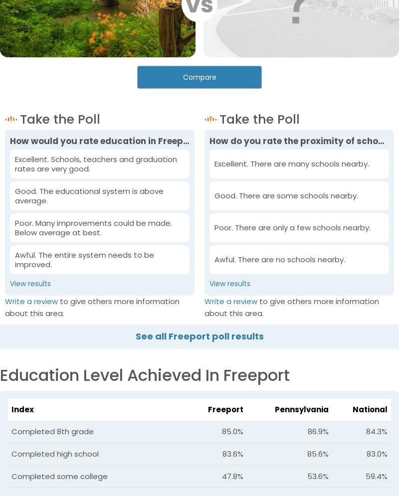  Describe the element at coordinates (295, 295) in the screenshot. I see `'East Vandergrift'` at that location.